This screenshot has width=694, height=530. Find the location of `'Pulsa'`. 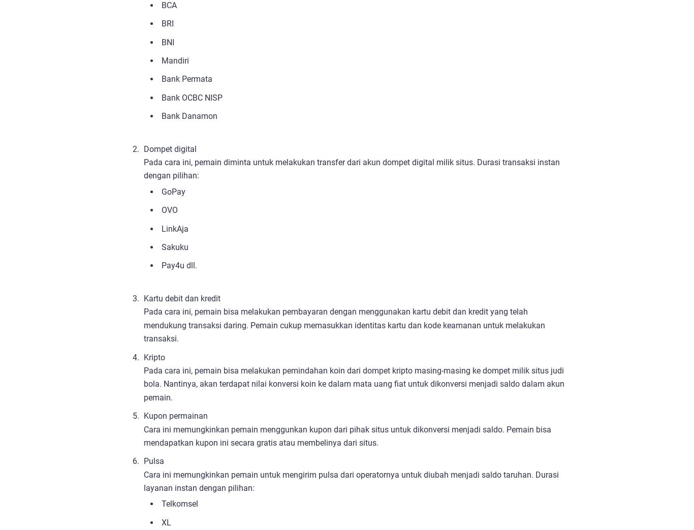

'Pulsa' is located at coordinates (144, 460).